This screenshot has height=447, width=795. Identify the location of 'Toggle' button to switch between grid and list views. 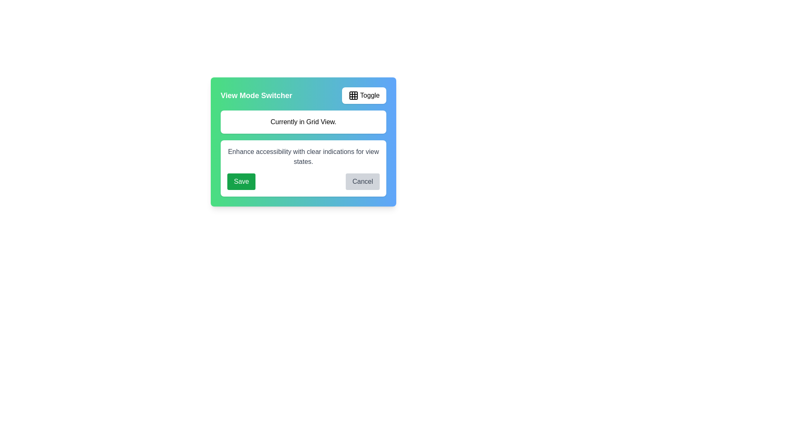
(364, 95).